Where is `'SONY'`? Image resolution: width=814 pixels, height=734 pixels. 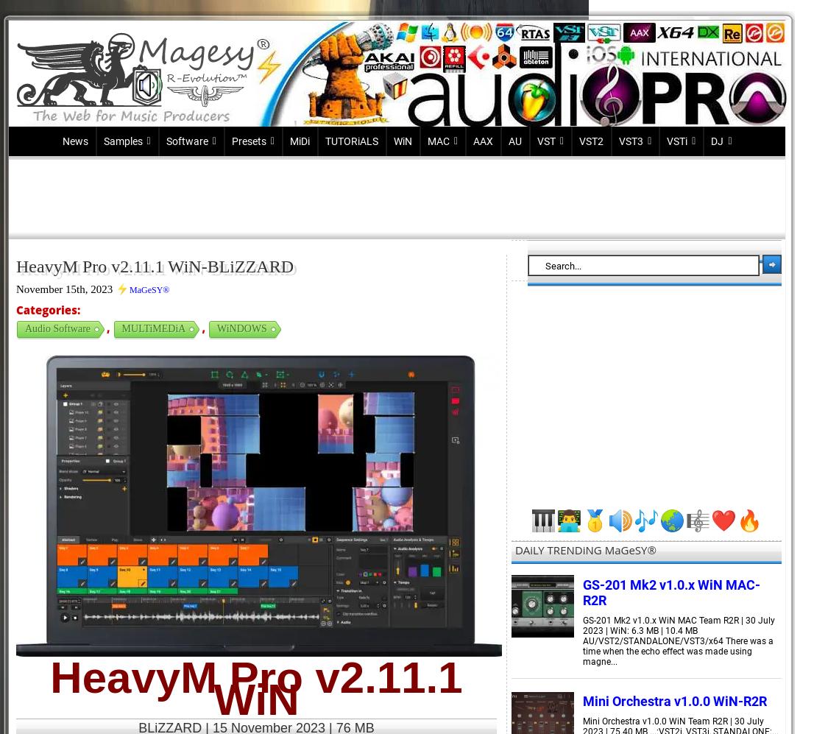 'SONY' is located at coordinates (178, 373).